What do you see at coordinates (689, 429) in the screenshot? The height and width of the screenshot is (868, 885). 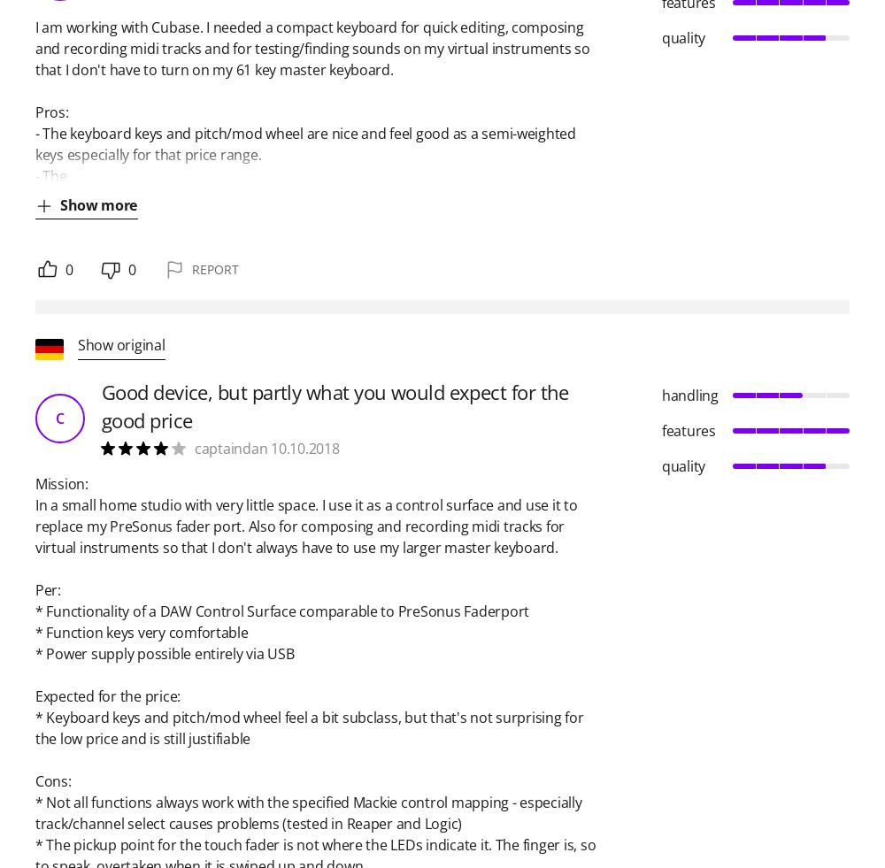 I see `'features'` at bounding box center [689, 429].